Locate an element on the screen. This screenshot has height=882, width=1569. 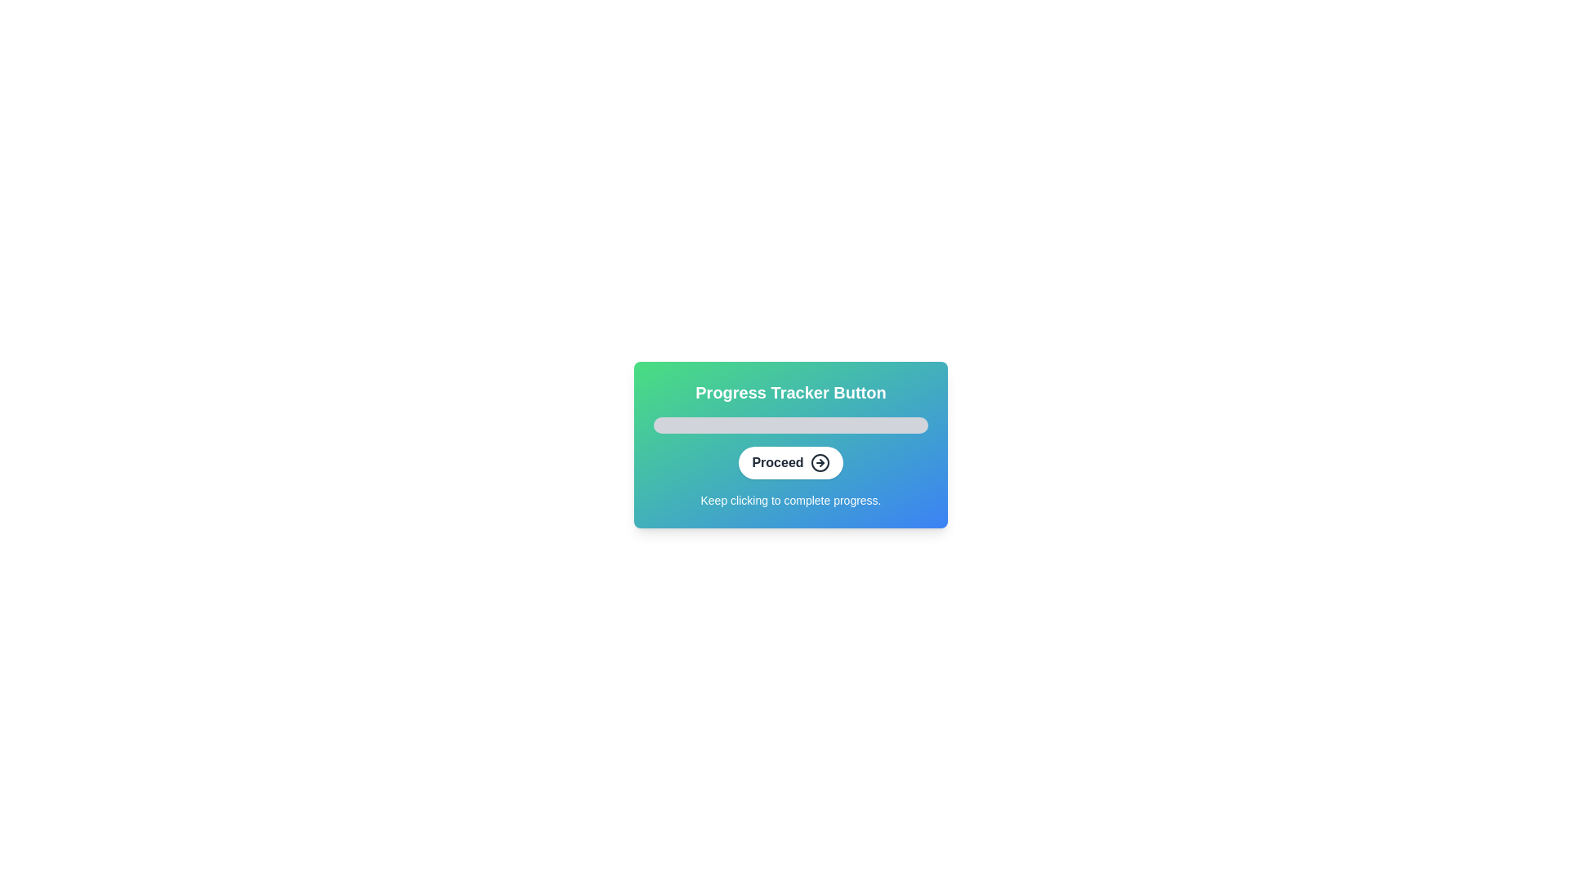
the visual aspect of the circular icon located at the center of the right-pointing arrow within the 'Proceed' button, situated in the lower middle portion of the card-like interface is located at coordinates (820, 463).